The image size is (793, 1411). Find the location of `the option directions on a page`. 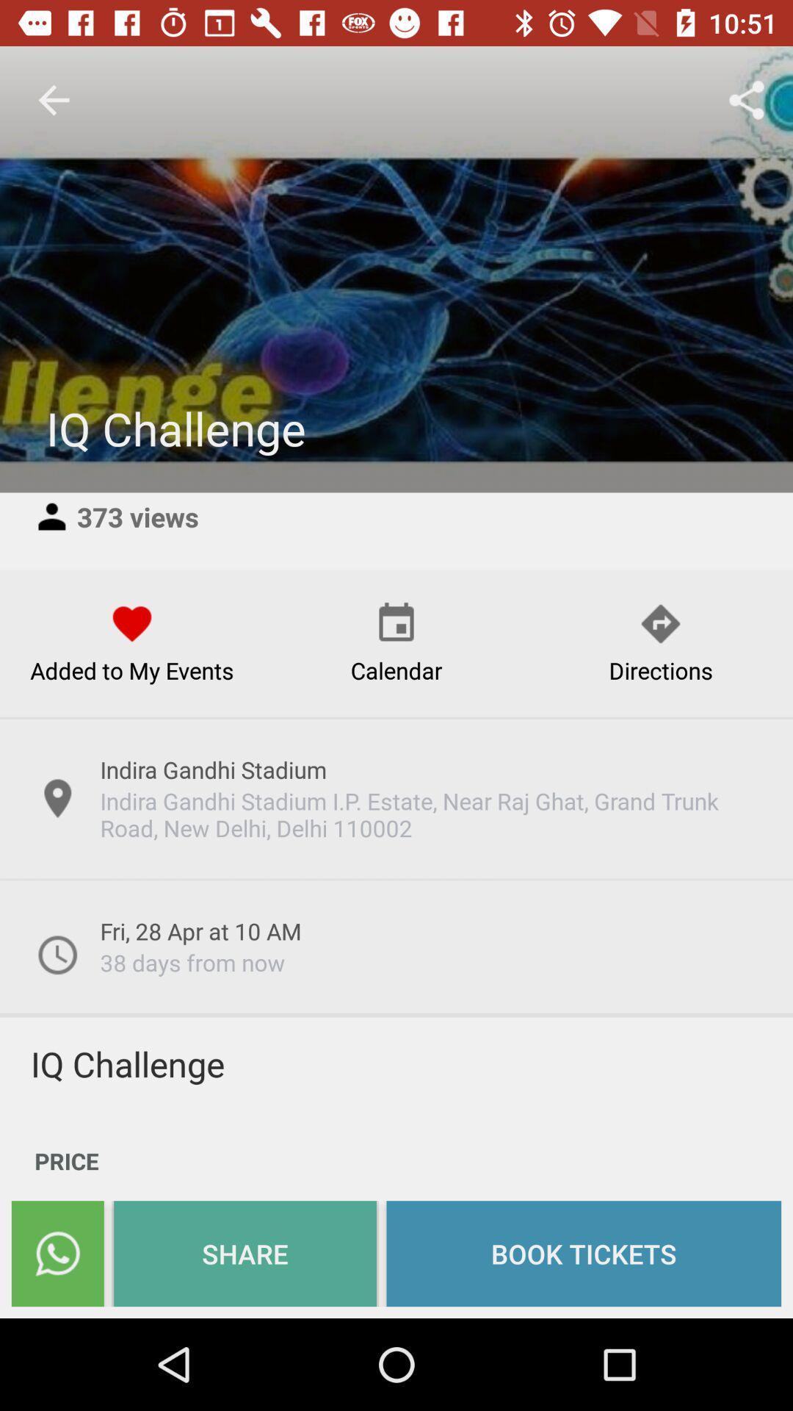

the option directions on a page is located at coordinates (659, 643).